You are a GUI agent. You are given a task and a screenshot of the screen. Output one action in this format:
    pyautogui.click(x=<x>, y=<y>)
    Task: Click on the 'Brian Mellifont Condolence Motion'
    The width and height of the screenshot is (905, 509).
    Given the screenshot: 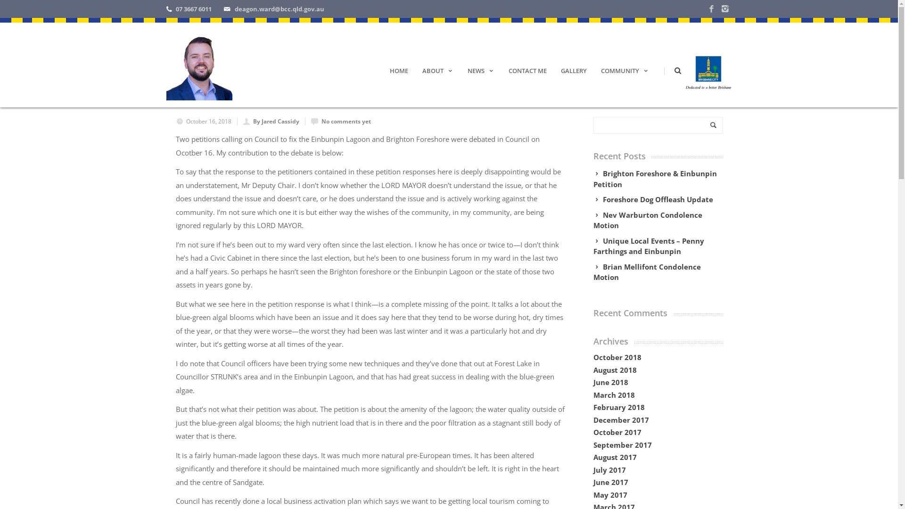 What is the action you would take?
    pyautogui.click(x=657, y=272)
    